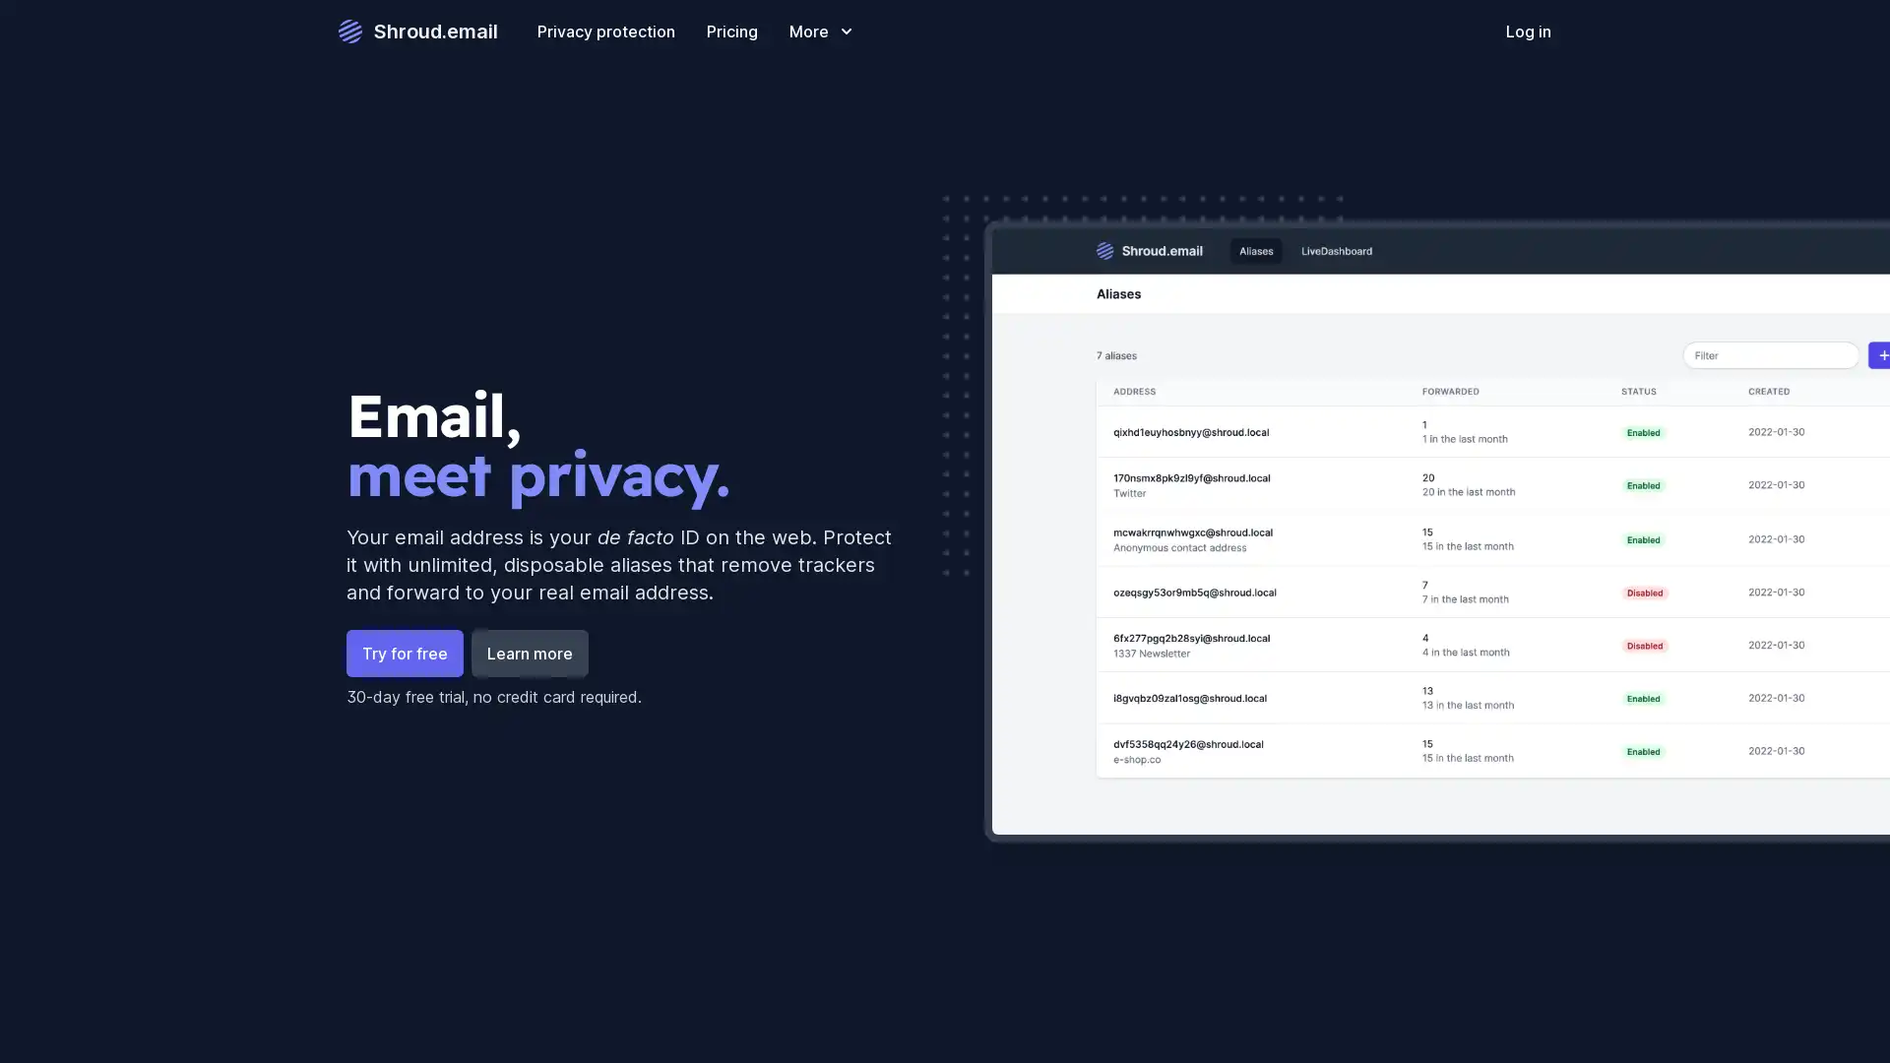 Image resolution: width=1890 pixels, height=1063 pixels. What do you see at coordinates (822, 31) in the screenshot?
I see `More` at bounding box center [822, 31].